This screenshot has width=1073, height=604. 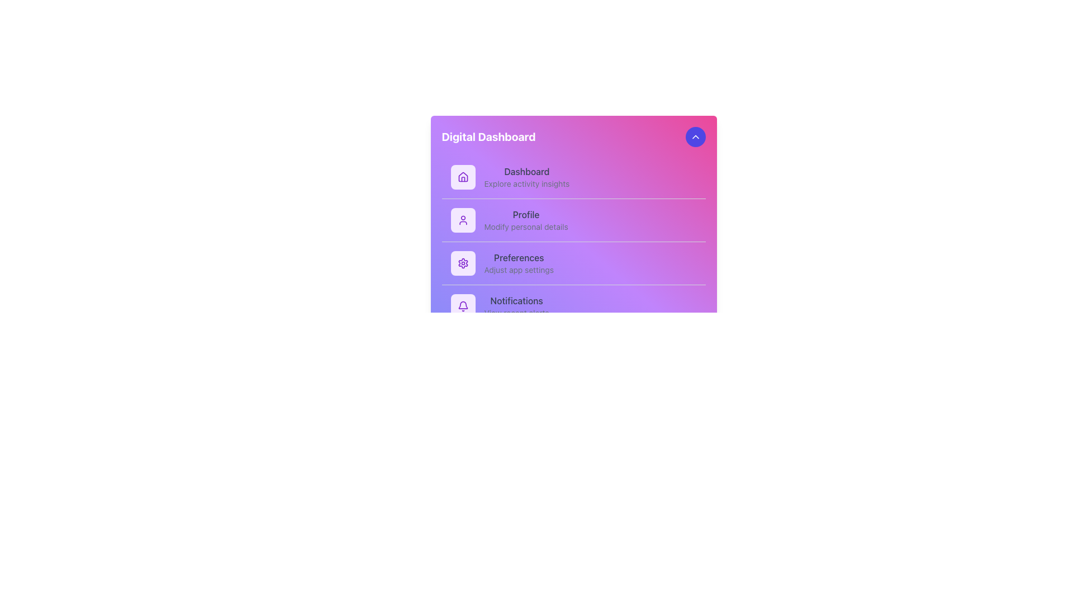 What do you see at coordinates (526, 176) in the screenshot?
I see `the Navigational Text Label that displays 'Dashboard' and 'Explore activity insights'` at bounding box center [526, 176].